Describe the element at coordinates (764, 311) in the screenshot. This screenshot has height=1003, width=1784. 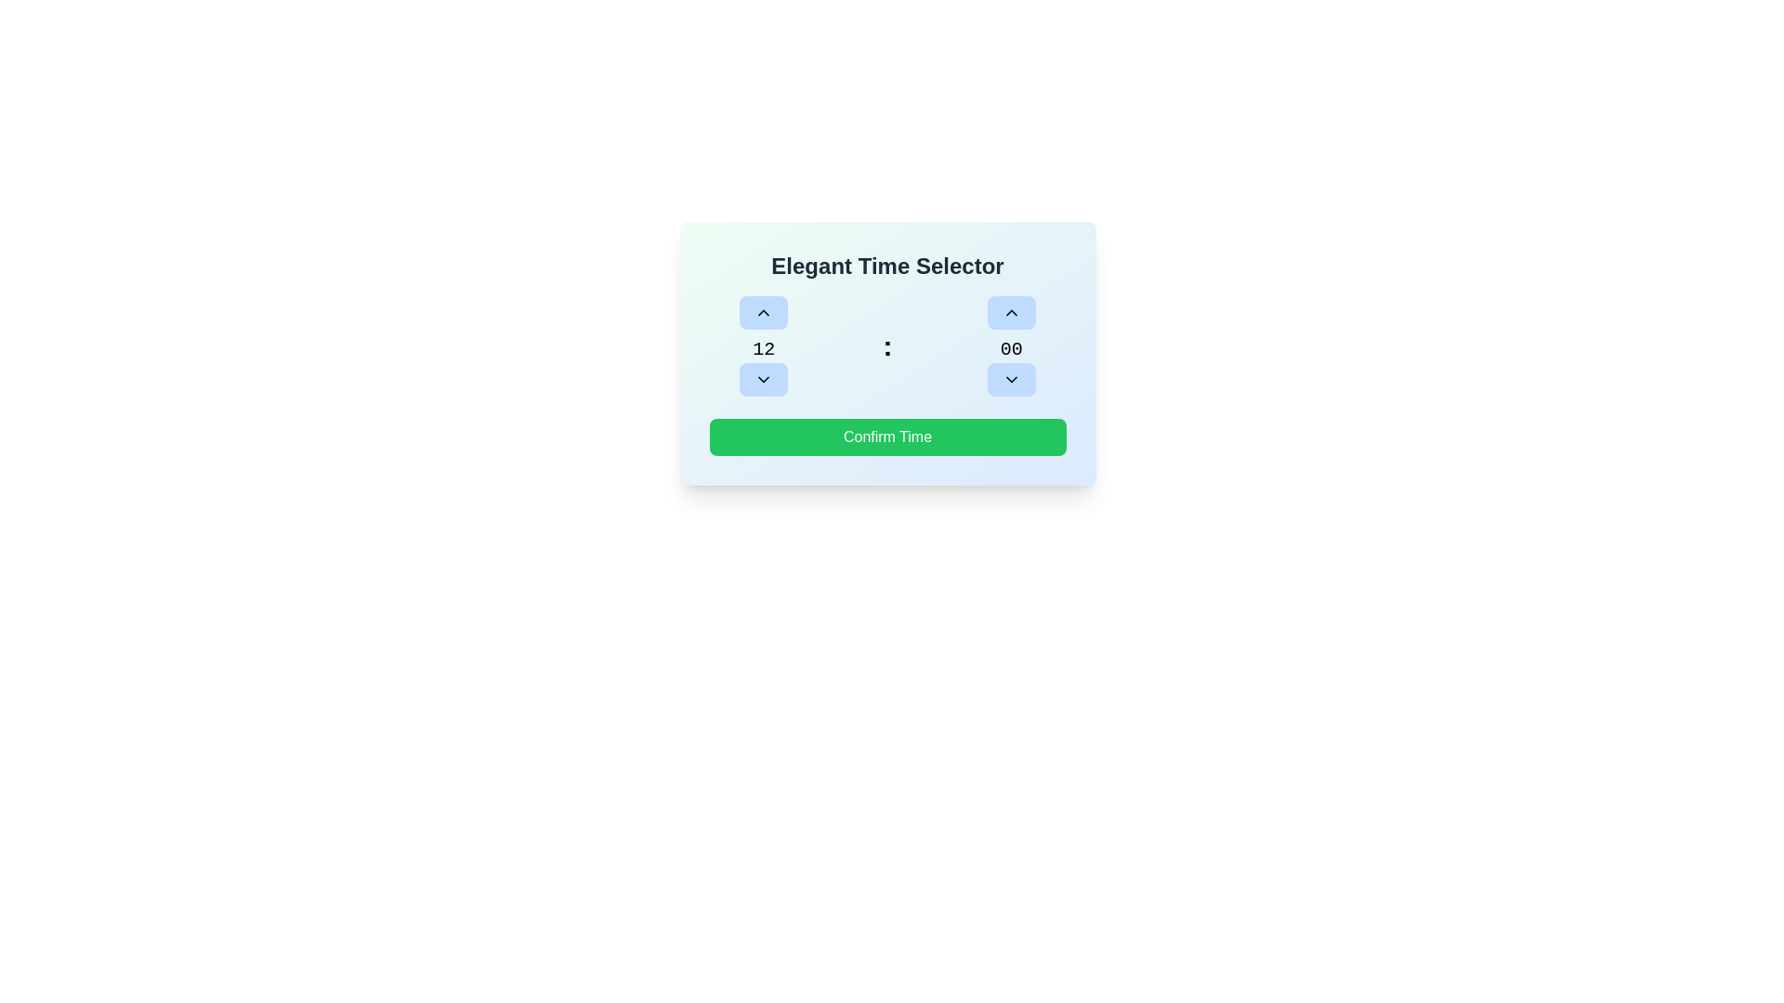
I see `the small blue button with an upward-facing chevron icon to increment the hour value, located at the top-left area of the time selector interface above the number '12'` at that location.